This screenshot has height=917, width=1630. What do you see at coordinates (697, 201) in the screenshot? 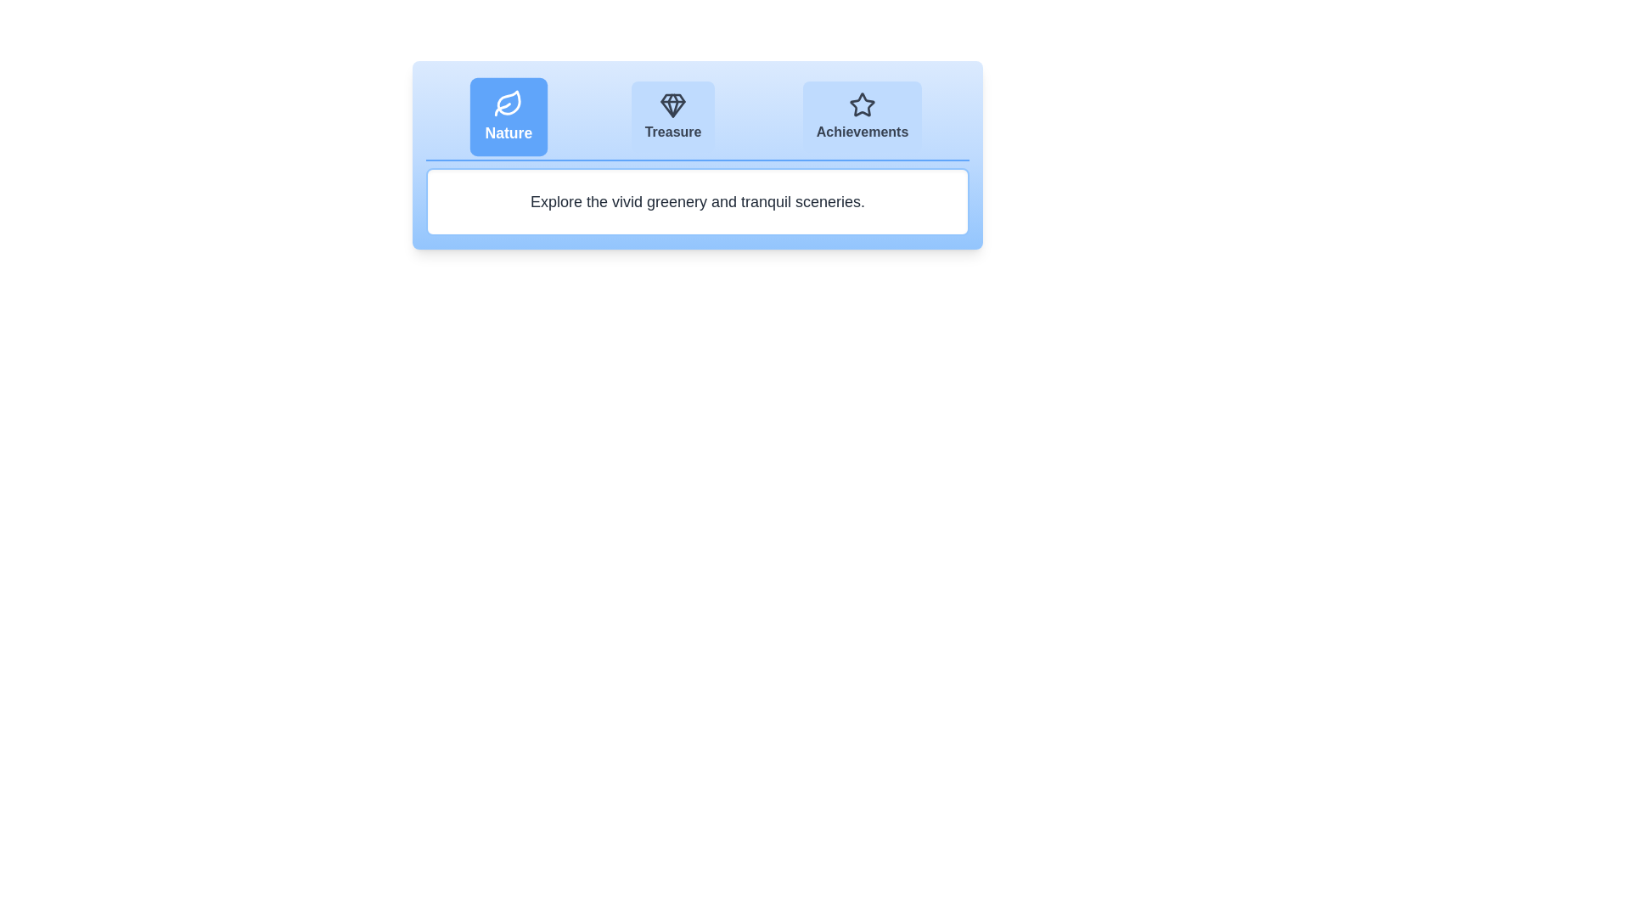
I see `the content displayed in the active tab` at bounding box center [697, 201].